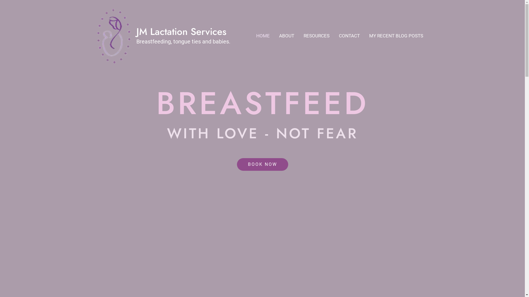 This screenshot has height=297, width=529. What do you see at coordinates (181, 32) in the screenshot?
I see `'JM Lactation Services'` at bounding box center [181, 32].